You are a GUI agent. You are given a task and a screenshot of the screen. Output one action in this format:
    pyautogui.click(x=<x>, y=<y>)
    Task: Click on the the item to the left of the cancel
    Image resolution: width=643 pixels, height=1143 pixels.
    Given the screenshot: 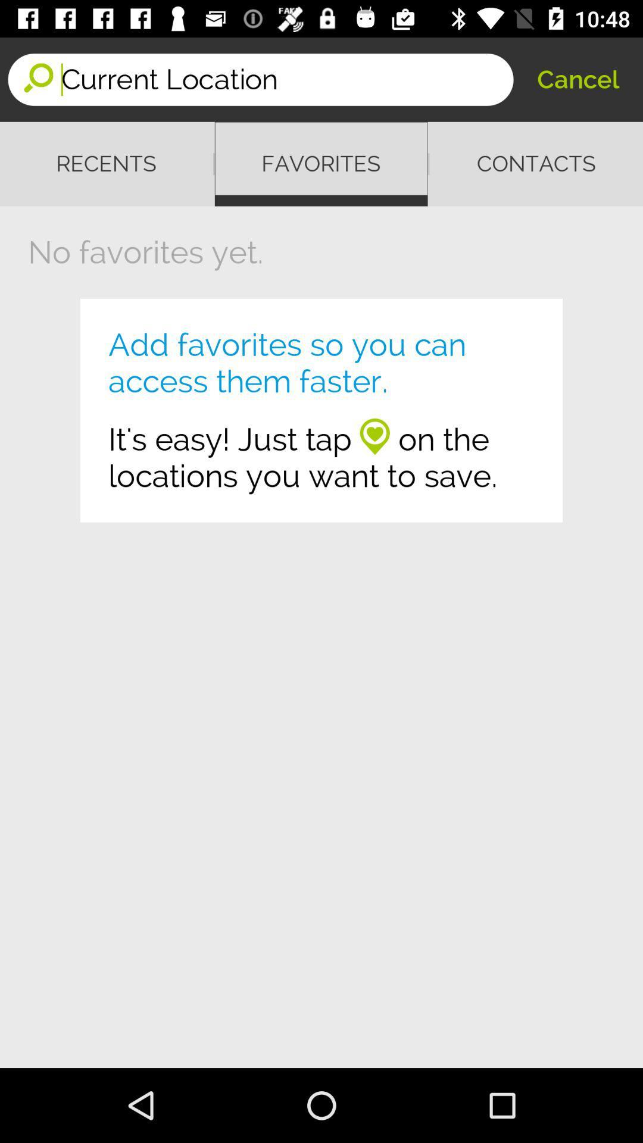 What is the action you would take?
    pyautogui.click(x=287, y=79)
    